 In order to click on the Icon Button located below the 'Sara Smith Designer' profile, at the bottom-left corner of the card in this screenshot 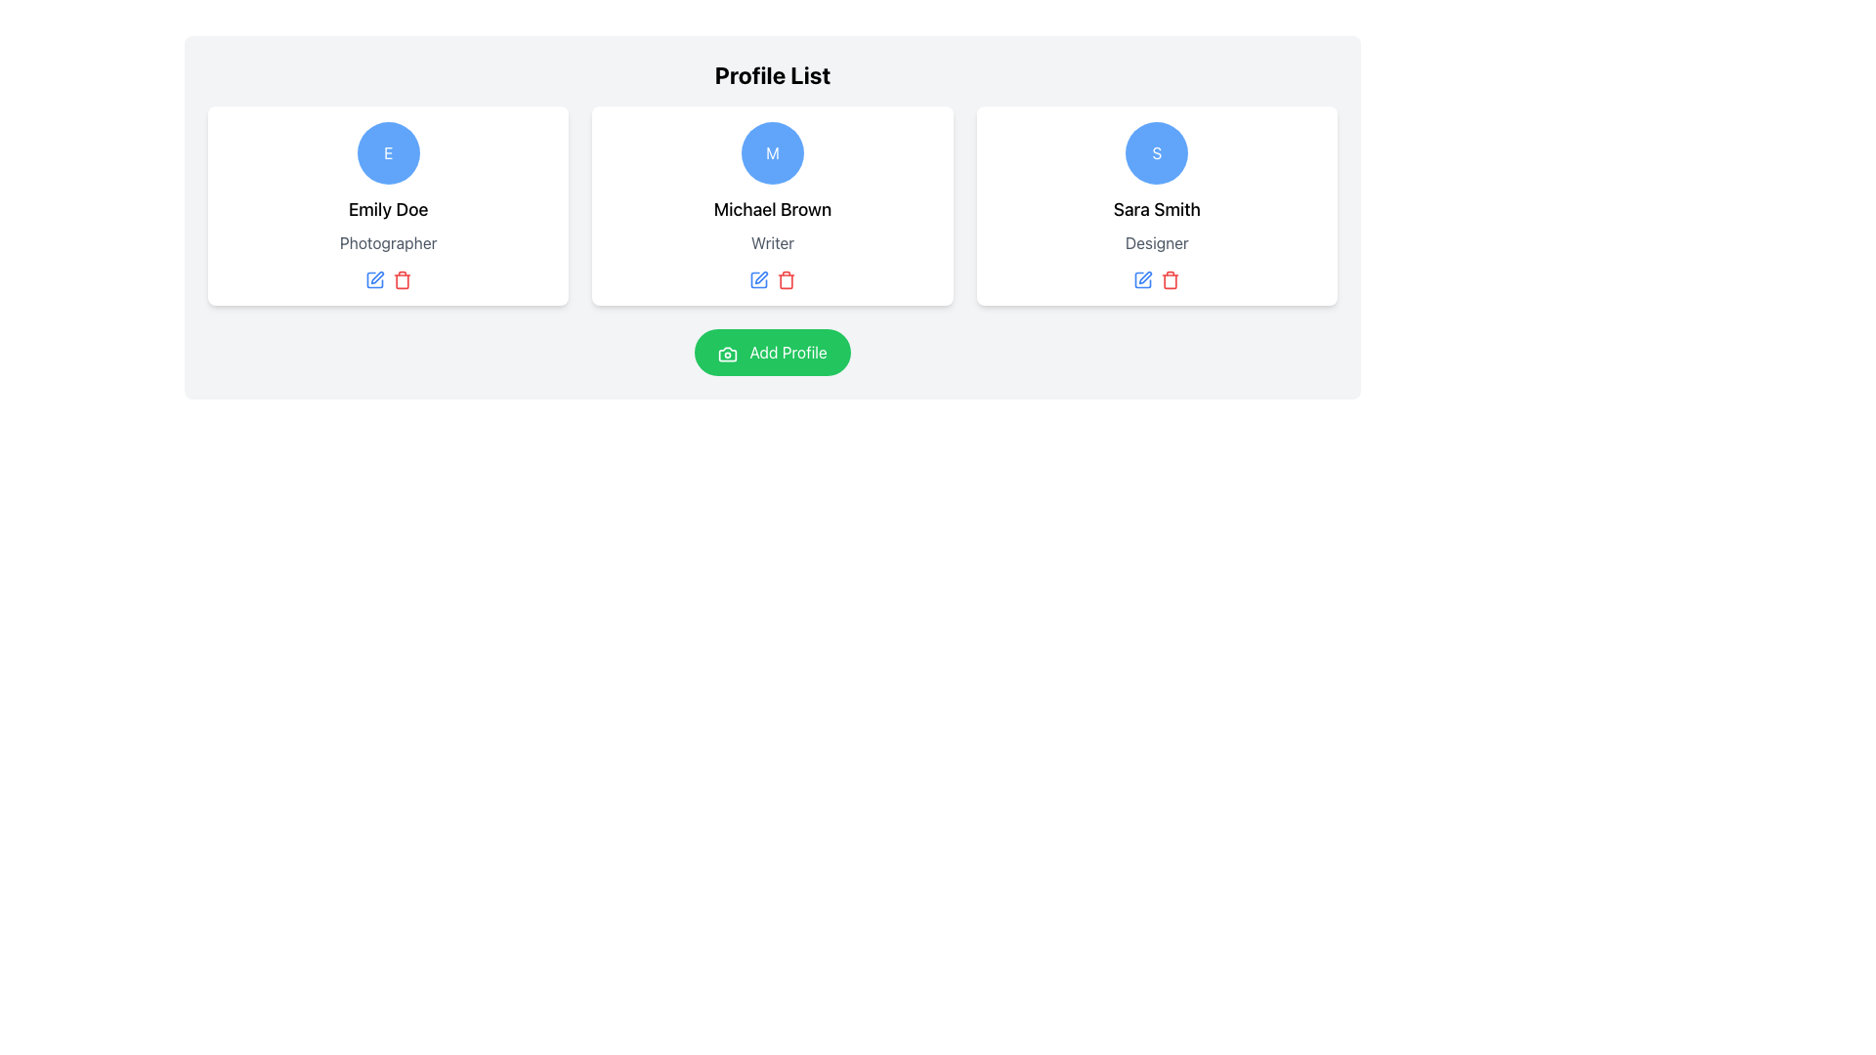, I will do `click(1143, 279)`.